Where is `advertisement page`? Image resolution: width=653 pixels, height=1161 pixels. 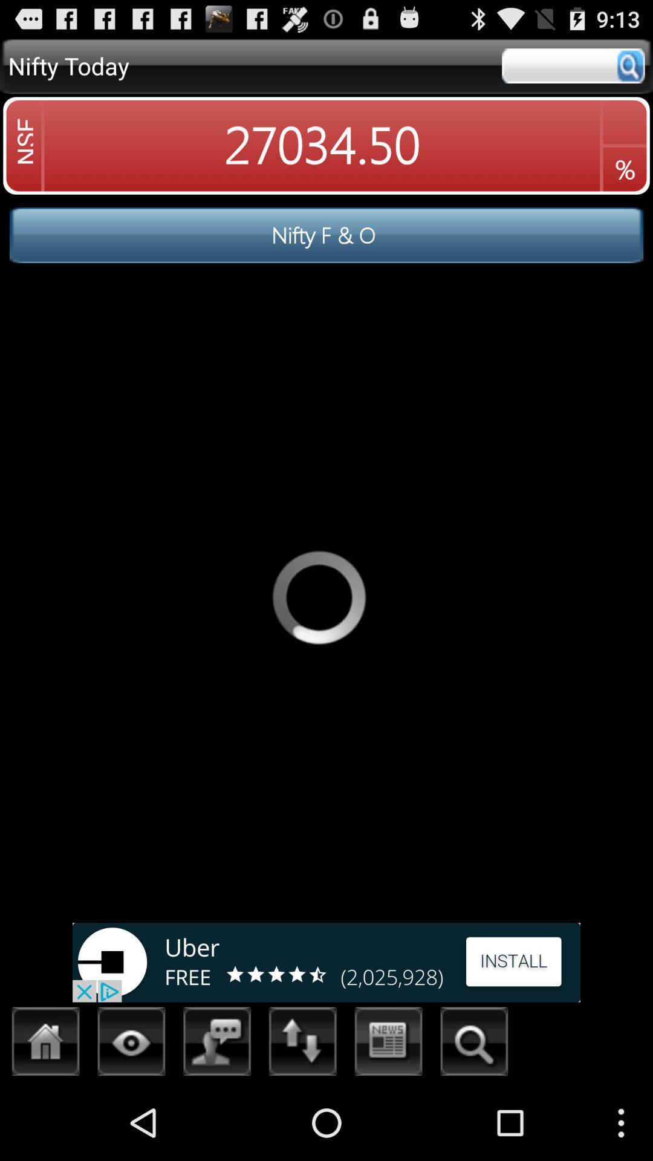
advertisement page is located at coordinates (326, 961).